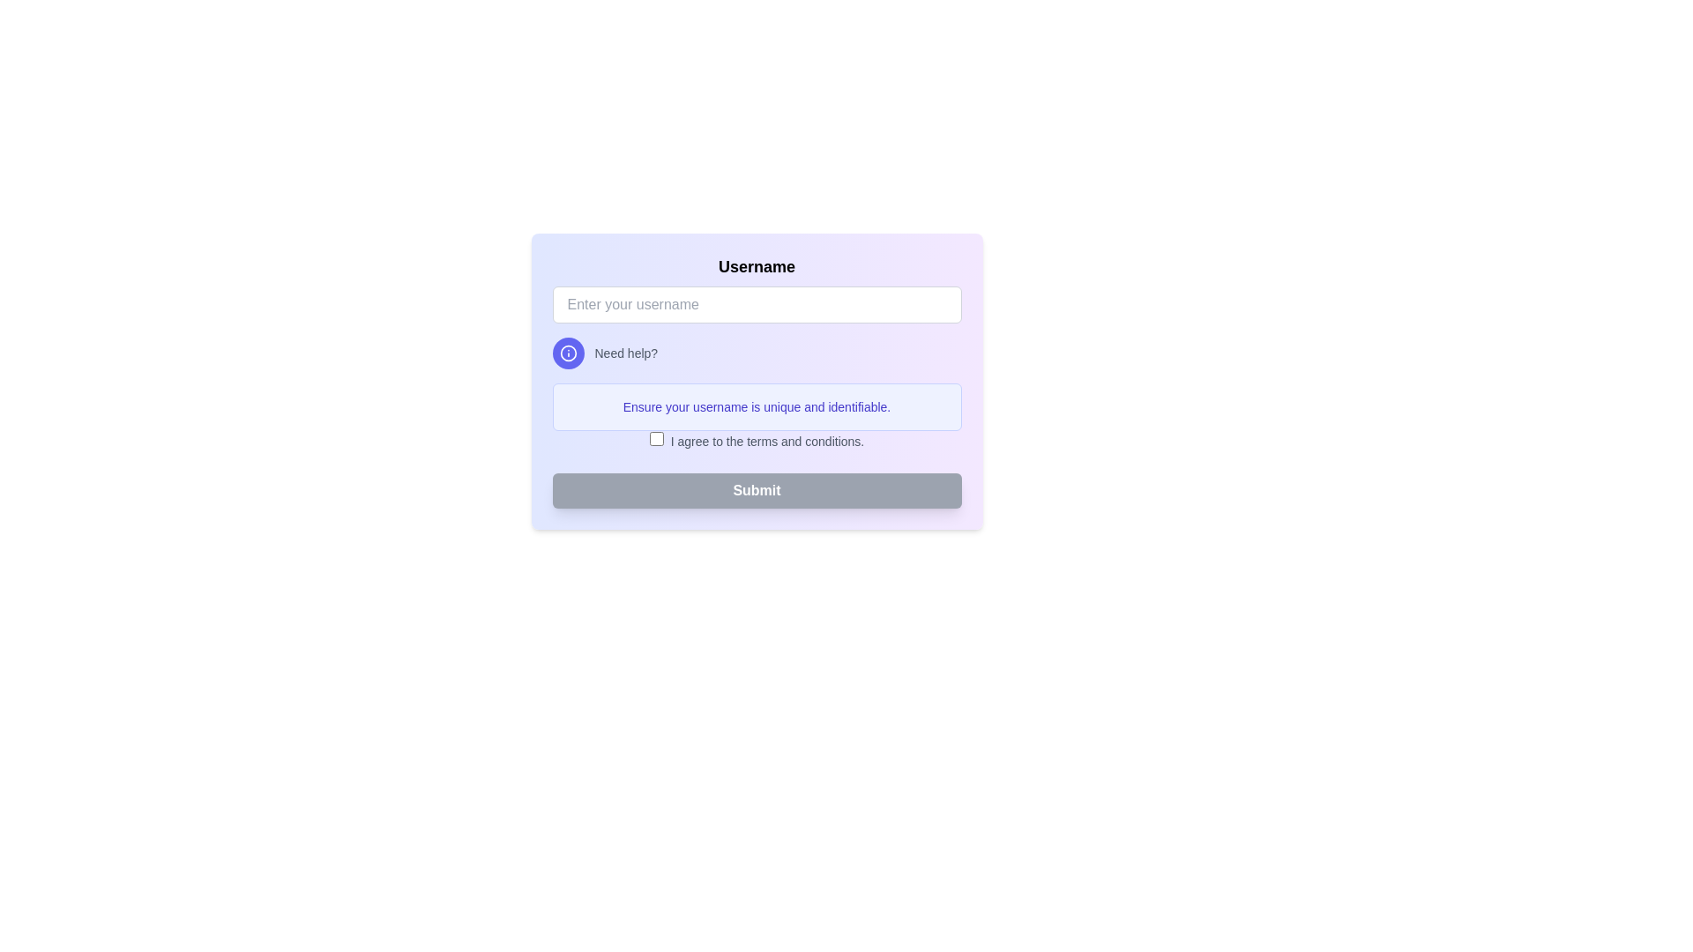 This screenshot has width=1693, height=952. What do you see at coordinates (568, 353) in the screenshot?
I see `the help button located on the left side of the 'Need help?' text, just below the username input field within the modal window` at bounding box center [568, 353].